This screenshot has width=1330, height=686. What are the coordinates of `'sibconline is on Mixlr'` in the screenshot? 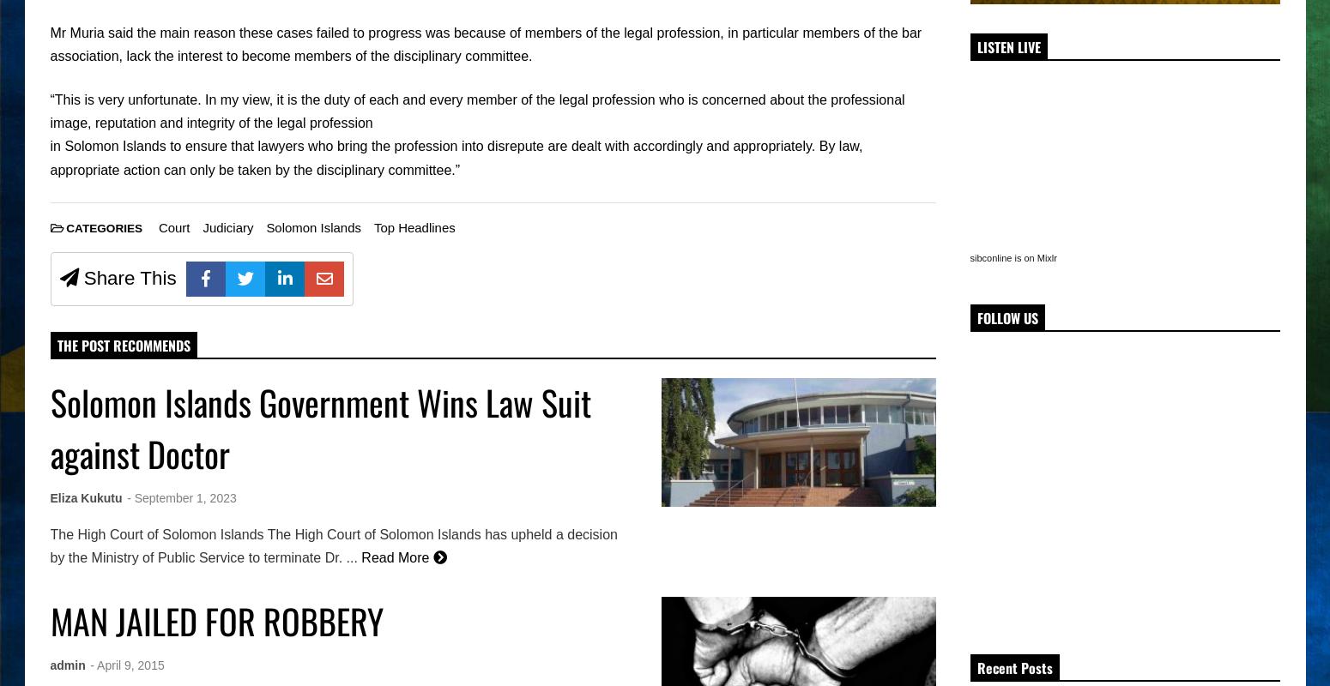 It's located at (968, 257).